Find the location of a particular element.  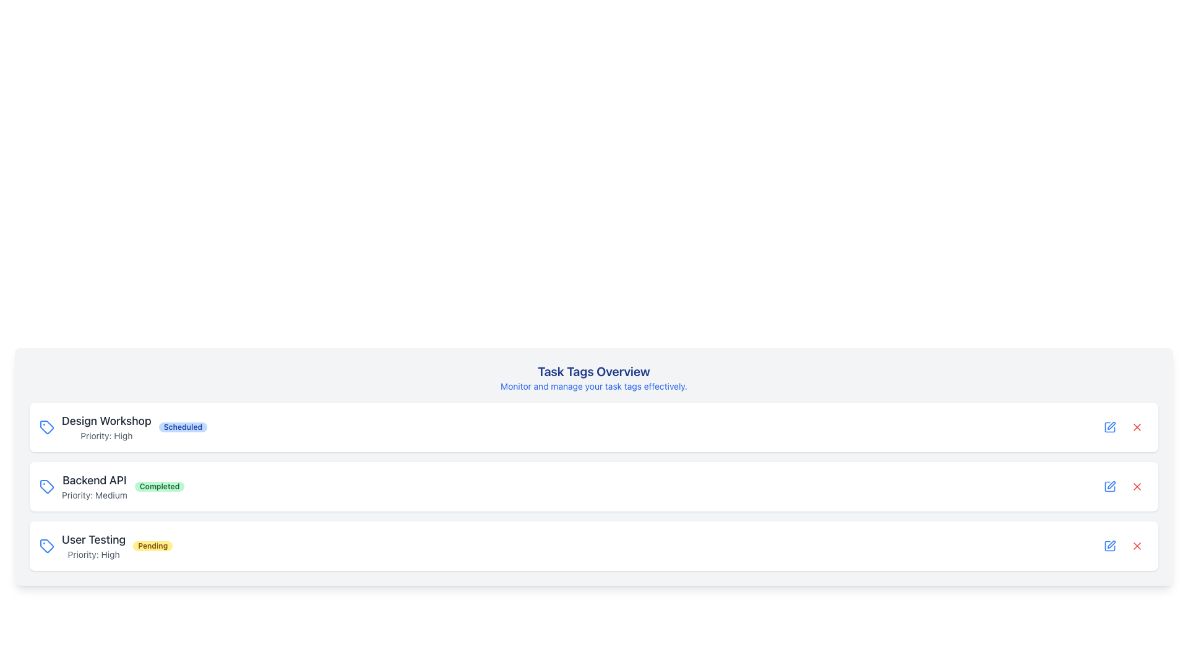

the 'Completed' status label, which is a small text label with a green background and darker green text, located next to the 'Backend API' label and below the 'Priority: Medium' text is located at coordinates (159, 486).